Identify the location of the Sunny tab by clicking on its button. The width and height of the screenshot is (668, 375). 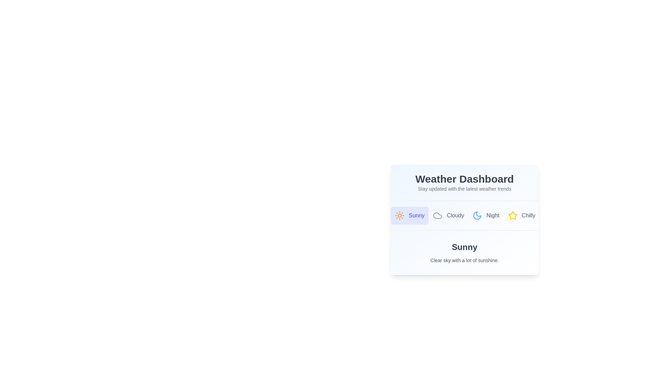
(409, 215).